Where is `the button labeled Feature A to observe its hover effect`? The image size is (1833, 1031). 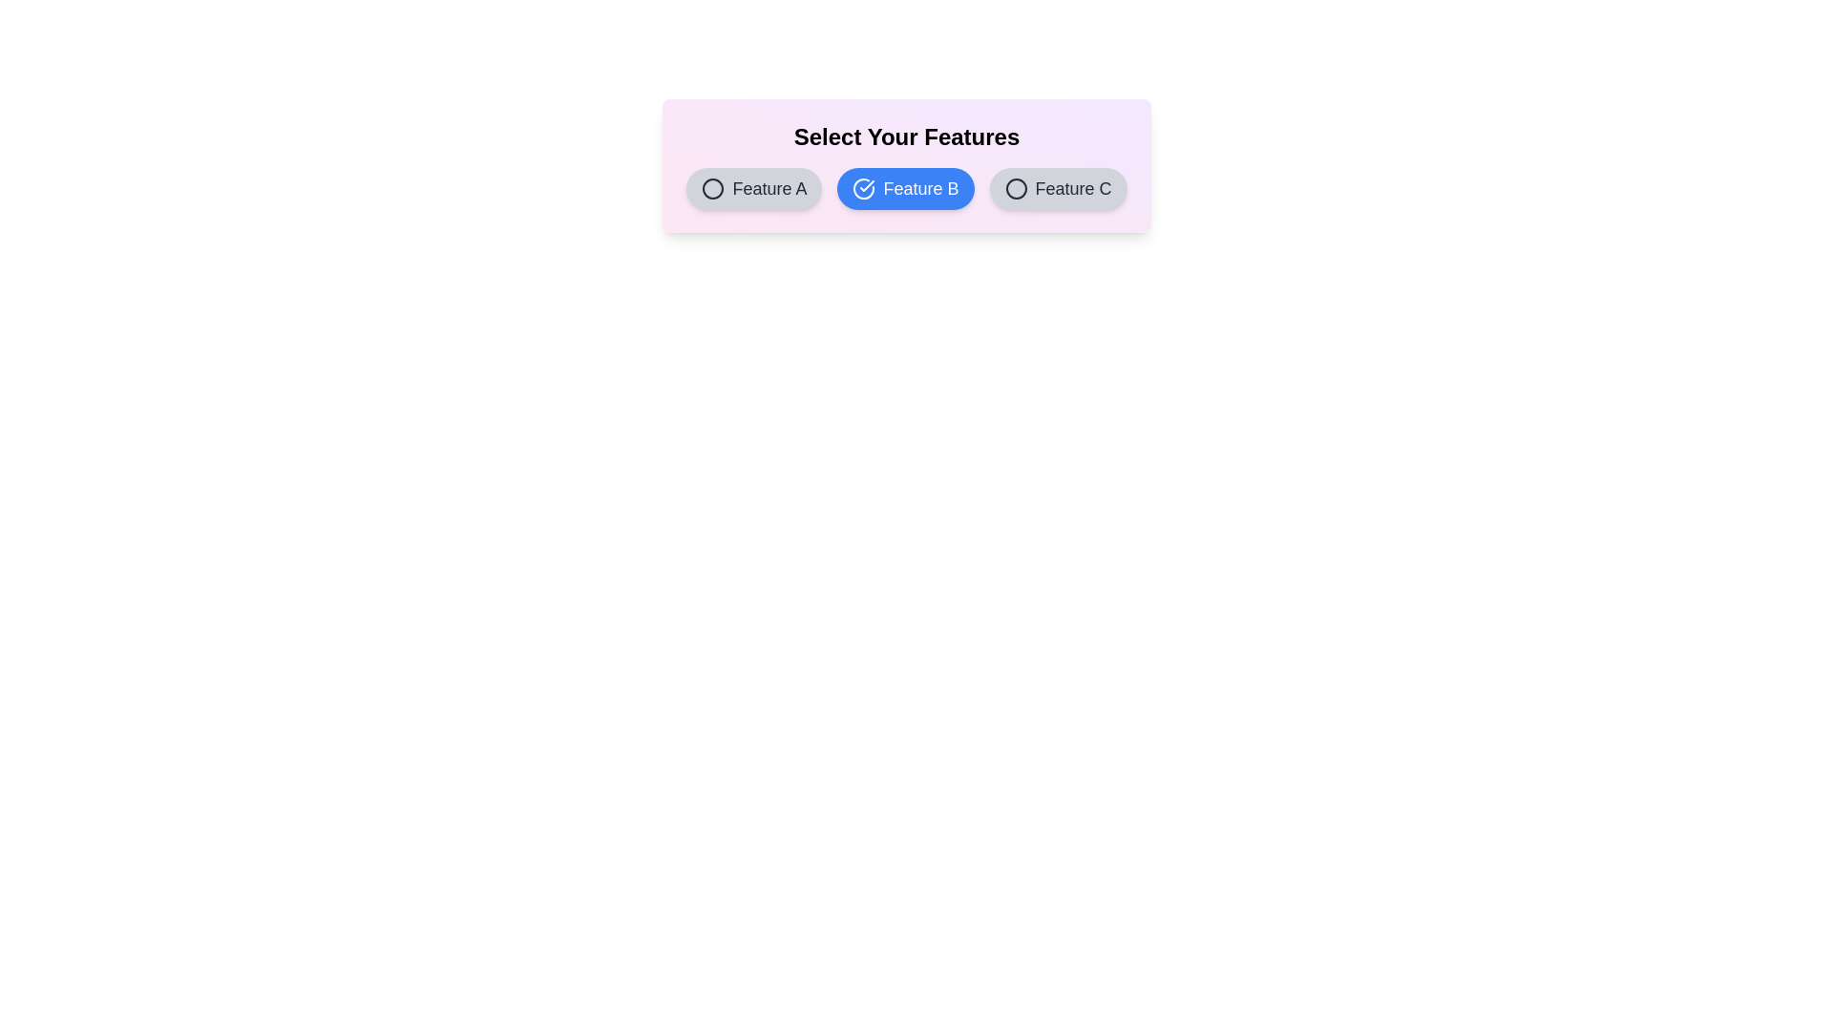
the button labeled Feature A to observe its hover effect is located at coordinates (753, 188).